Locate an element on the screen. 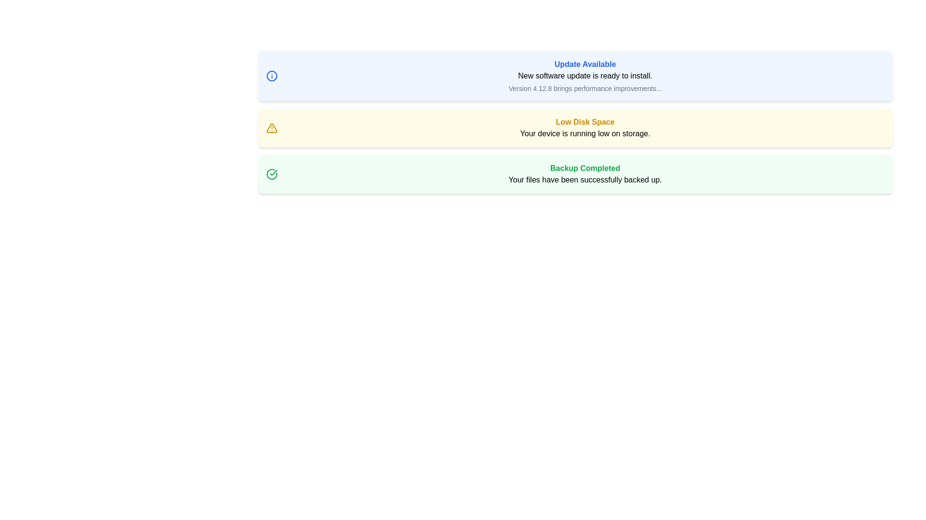 This screenshot has width=926, height=520. text block styled in a small gray font that reads 'Version 4.12.8 brings performance improvements...', located under the 'Update Available' title and the subtitle 'New software update is ready to install.' is located at coordinates (585, 89).